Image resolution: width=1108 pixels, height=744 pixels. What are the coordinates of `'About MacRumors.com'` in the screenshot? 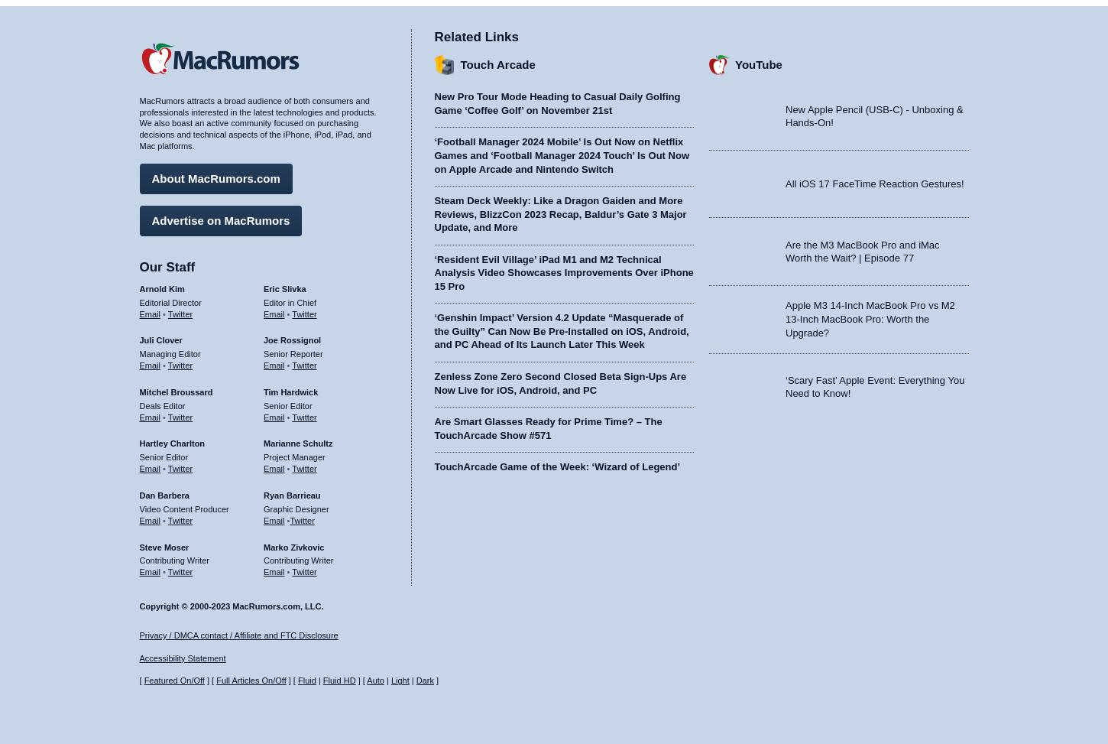 It's located at (215, 177).